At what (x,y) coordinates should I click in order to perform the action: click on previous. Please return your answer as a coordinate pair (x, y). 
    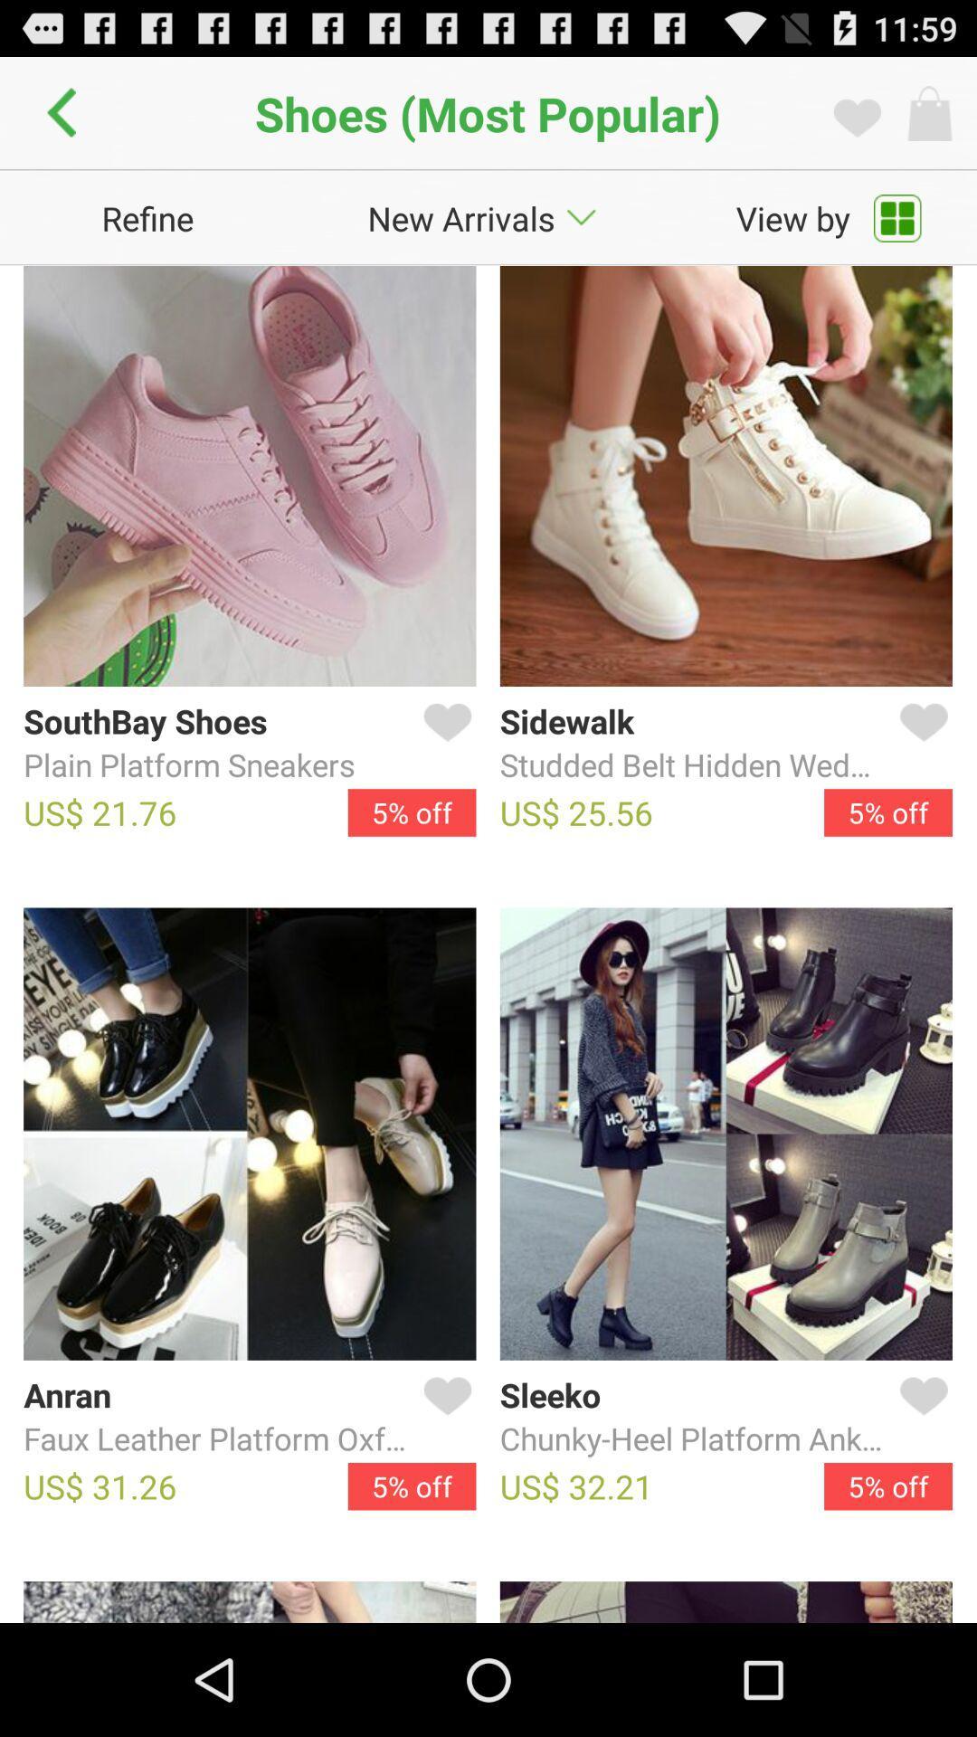
    Looking at the image, I should click on (66, 112).